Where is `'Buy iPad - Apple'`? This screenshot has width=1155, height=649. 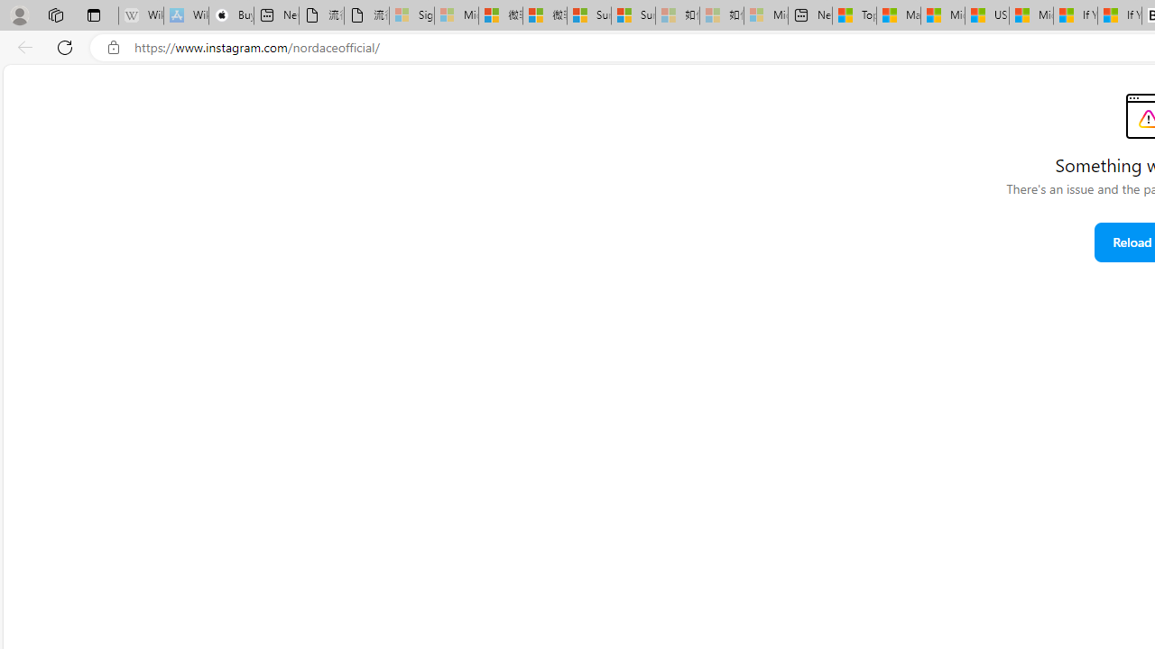
'Buy iPad - Apple' is located at coordinates (230, 15).